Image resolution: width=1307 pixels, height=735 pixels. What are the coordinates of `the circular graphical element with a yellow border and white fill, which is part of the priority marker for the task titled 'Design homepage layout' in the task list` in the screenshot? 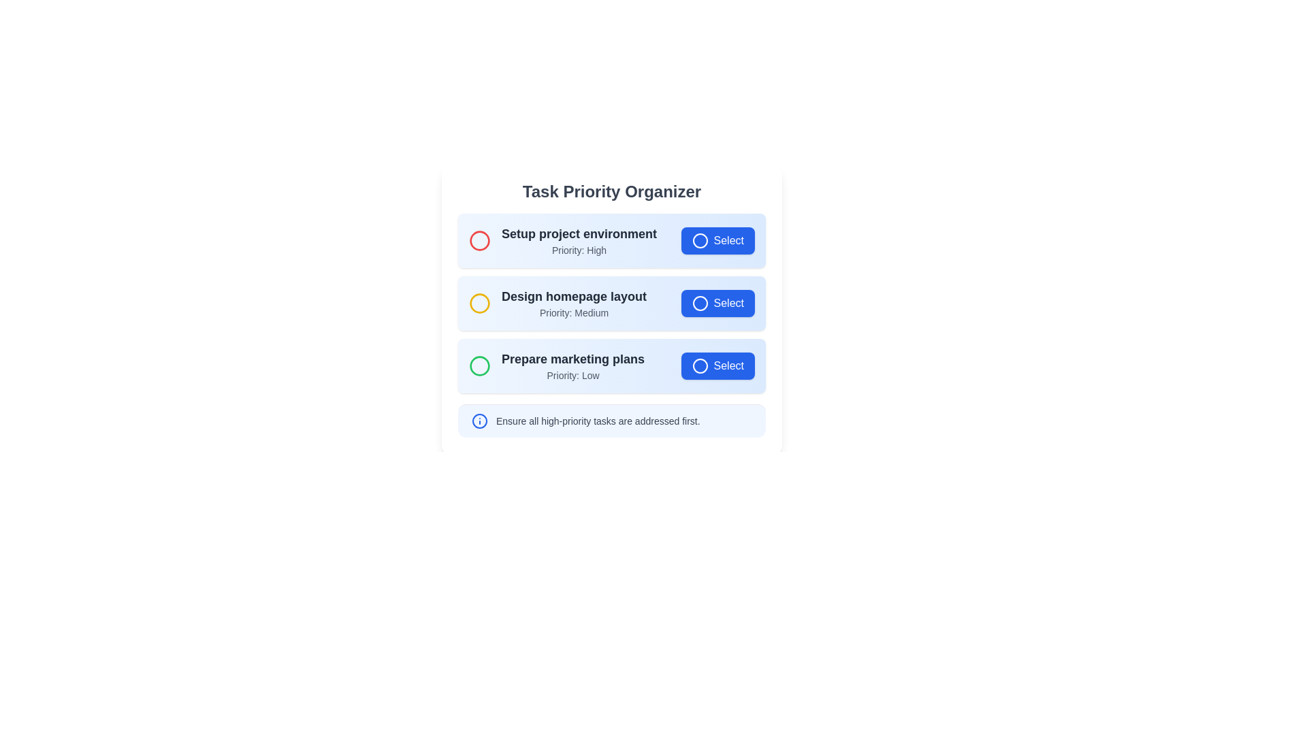 It's located at (480, 303).